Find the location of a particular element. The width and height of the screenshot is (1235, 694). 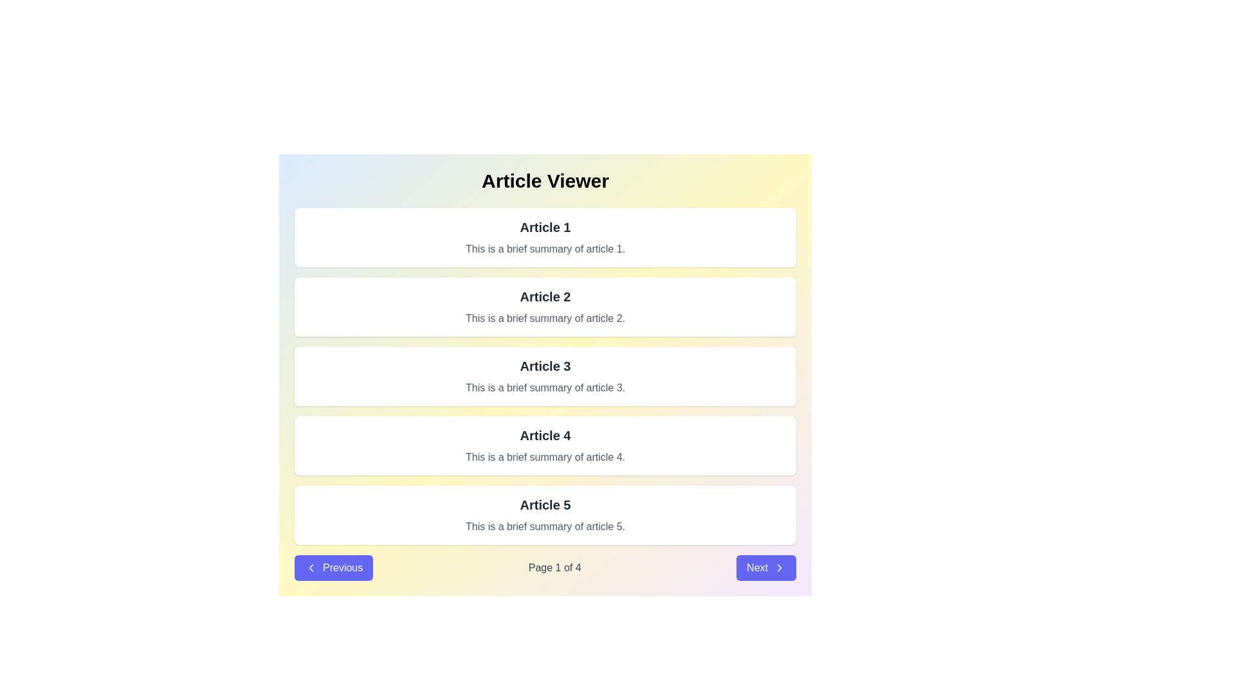

the text label displaying 'This is a brief summary of article 3.' which is styled with a light gray font and located beneath the bold title 'Article 3' within a white rounded card is located at coordinates (545, 387).